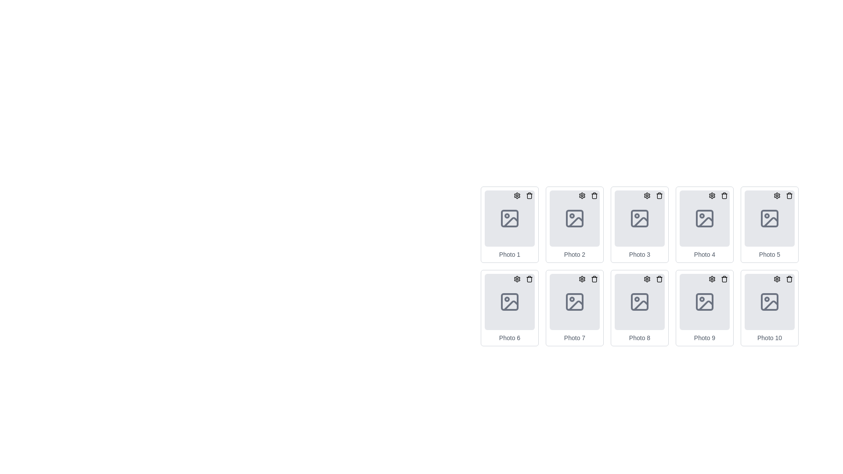 This screenshot has height=474, width=843. I want to click on the Decorative Frame element located within the top-left corner of the 'Photo 1' icon, so click(510, 218).